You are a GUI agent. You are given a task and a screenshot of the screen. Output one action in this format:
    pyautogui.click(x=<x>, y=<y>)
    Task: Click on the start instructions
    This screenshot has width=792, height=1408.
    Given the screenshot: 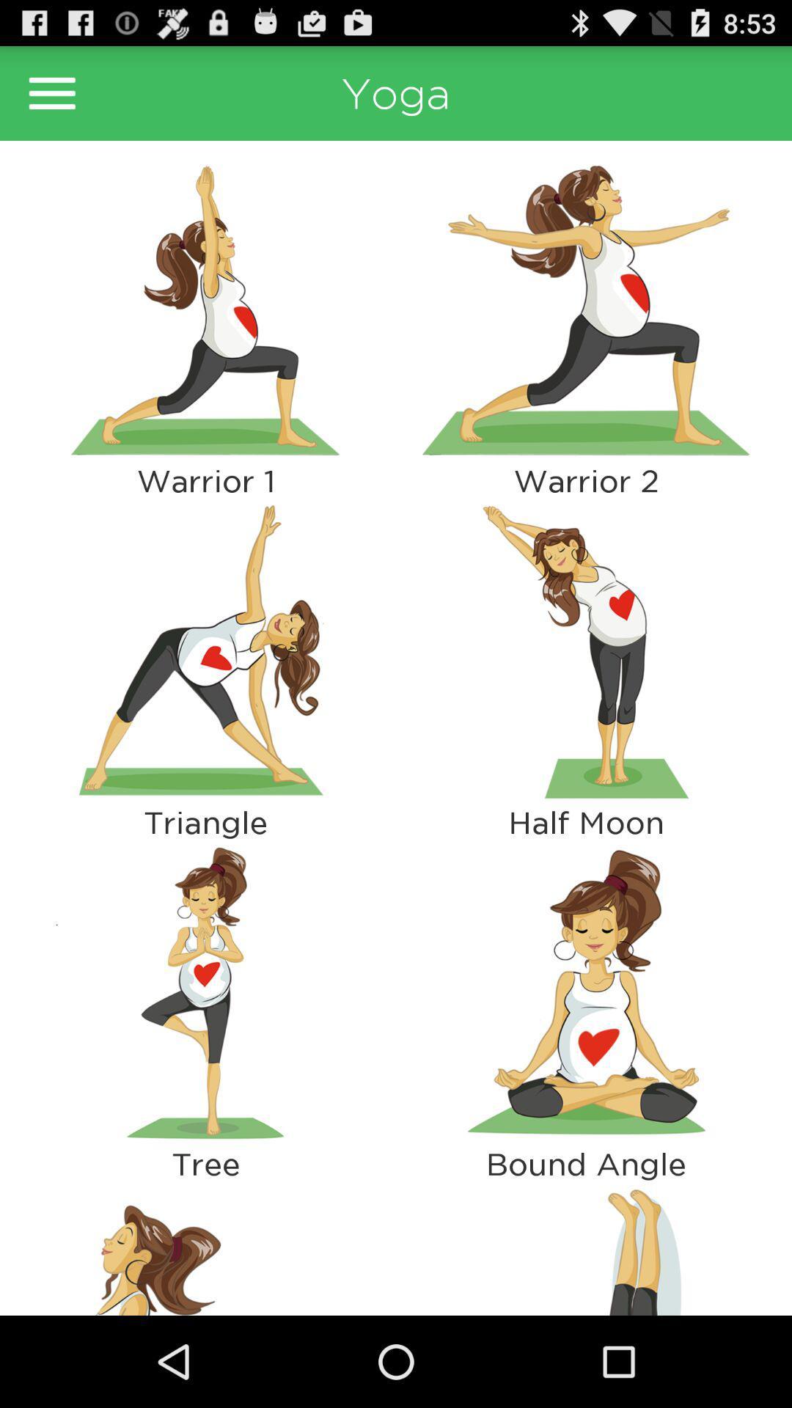 What is the action you would take?
    pyautogui.click(x=205, y=993)
    